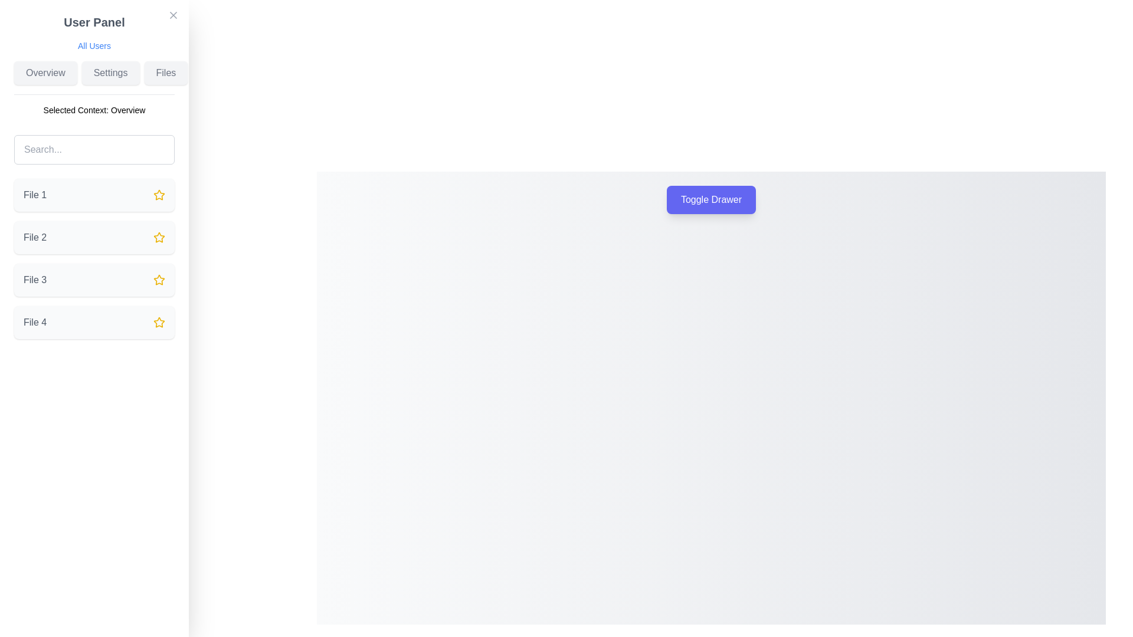 This screenshot has width=1133, height=637. I want to click on the 'Settings' button, which is the second button in the User Panel sidebar, so click(110, 73).